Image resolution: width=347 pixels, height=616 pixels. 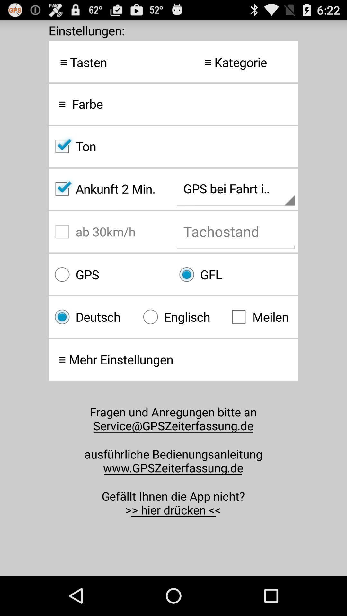 I want to click on radio button above the englisch, so click(x=236, y=274).